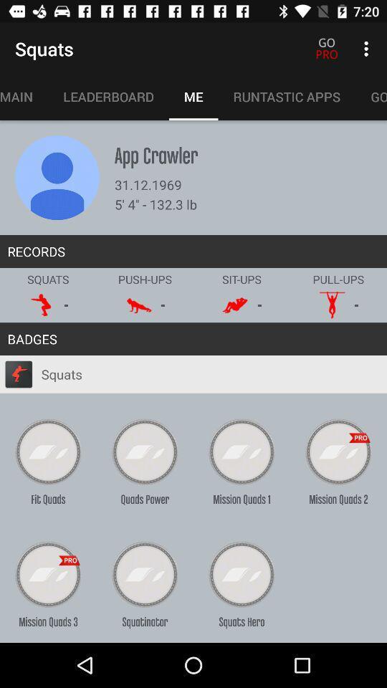 This screenshot has height=688, width=387. What do you see at coordinates (287, 96) in the screenshot?
I see `item to the left of go pro! item` at bounding box center [287, 96].